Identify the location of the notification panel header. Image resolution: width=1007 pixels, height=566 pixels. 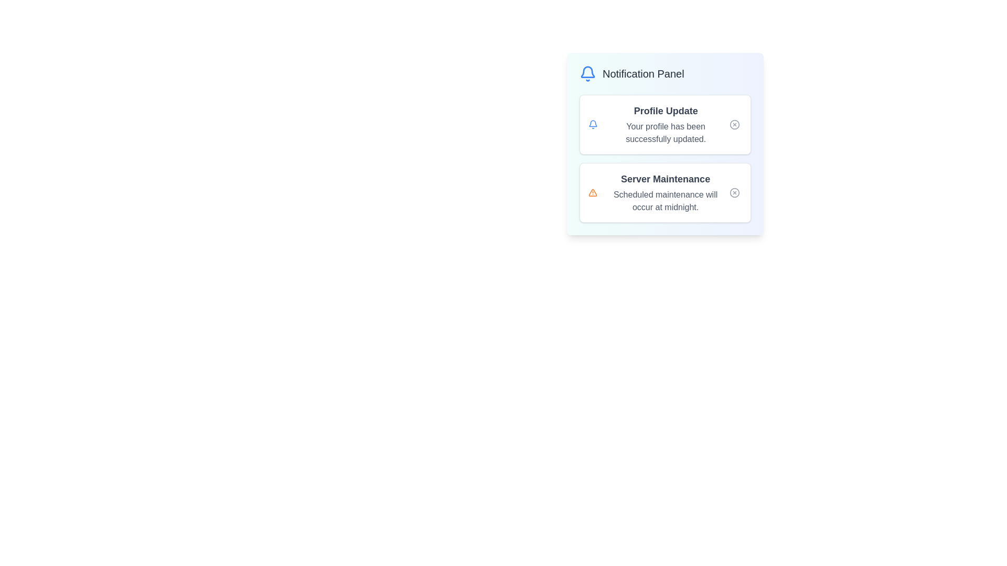
(665, 73).